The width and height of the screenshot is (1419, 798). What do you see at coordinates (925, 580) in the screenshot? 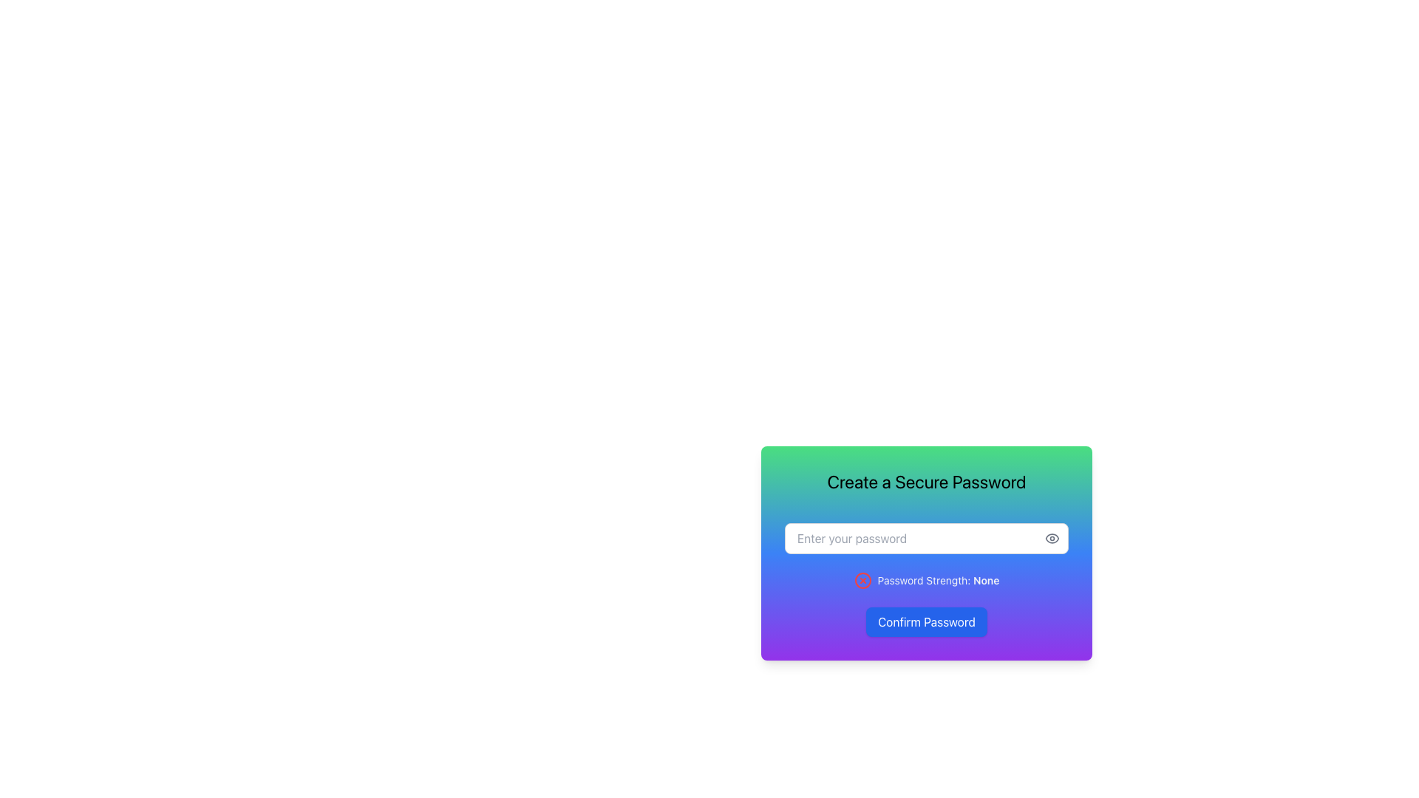
I see `the static informational text displaying 'Password Strength: None' with a red icon indicating low strength, located beneath the password input field and above the 'Confirm Password' button` at bounding box center [925, 580].